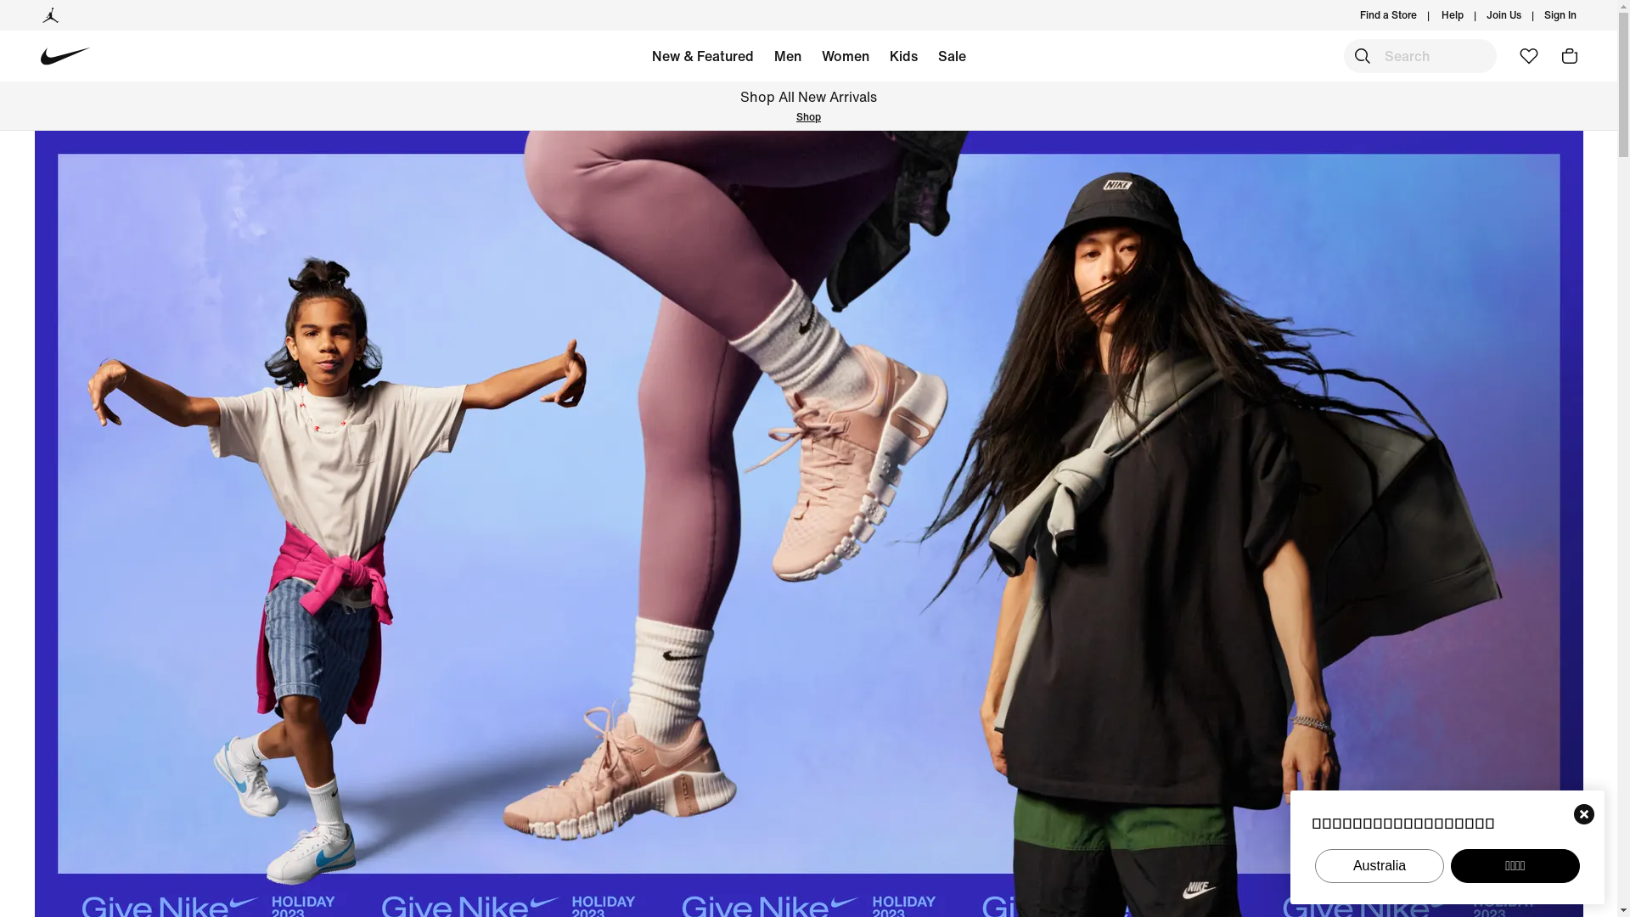 This screenshot has height=917, width=1630. What do you see at coordinates (951, 58) in the screenshot?
I see `'Sale'` at bounding box center [951, 58].